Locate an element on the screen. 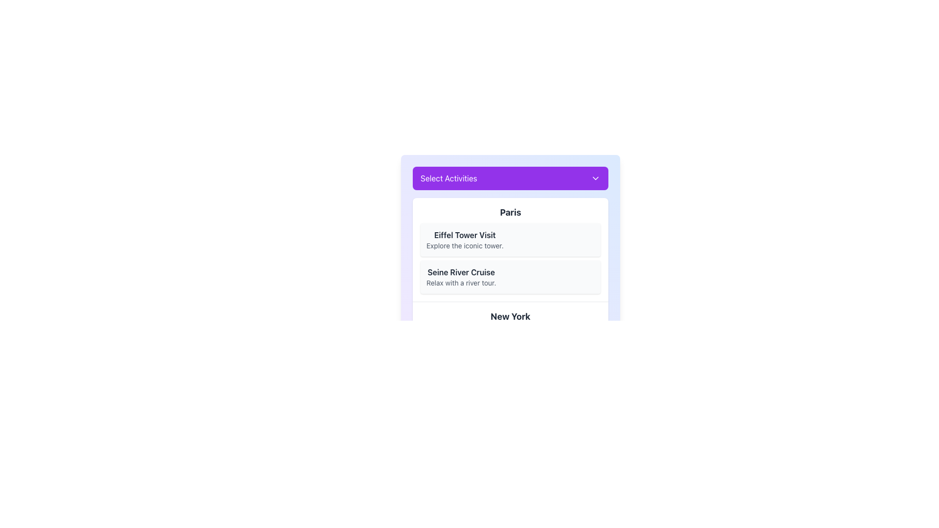 This screenshot has width=939, height=528. the descriptive Text Label that provides additional context about the 'Eiffel Tower Visit', located beneath the primary heading in the card-like structure under the 'Paris' section is located at coordinates (464, 245).